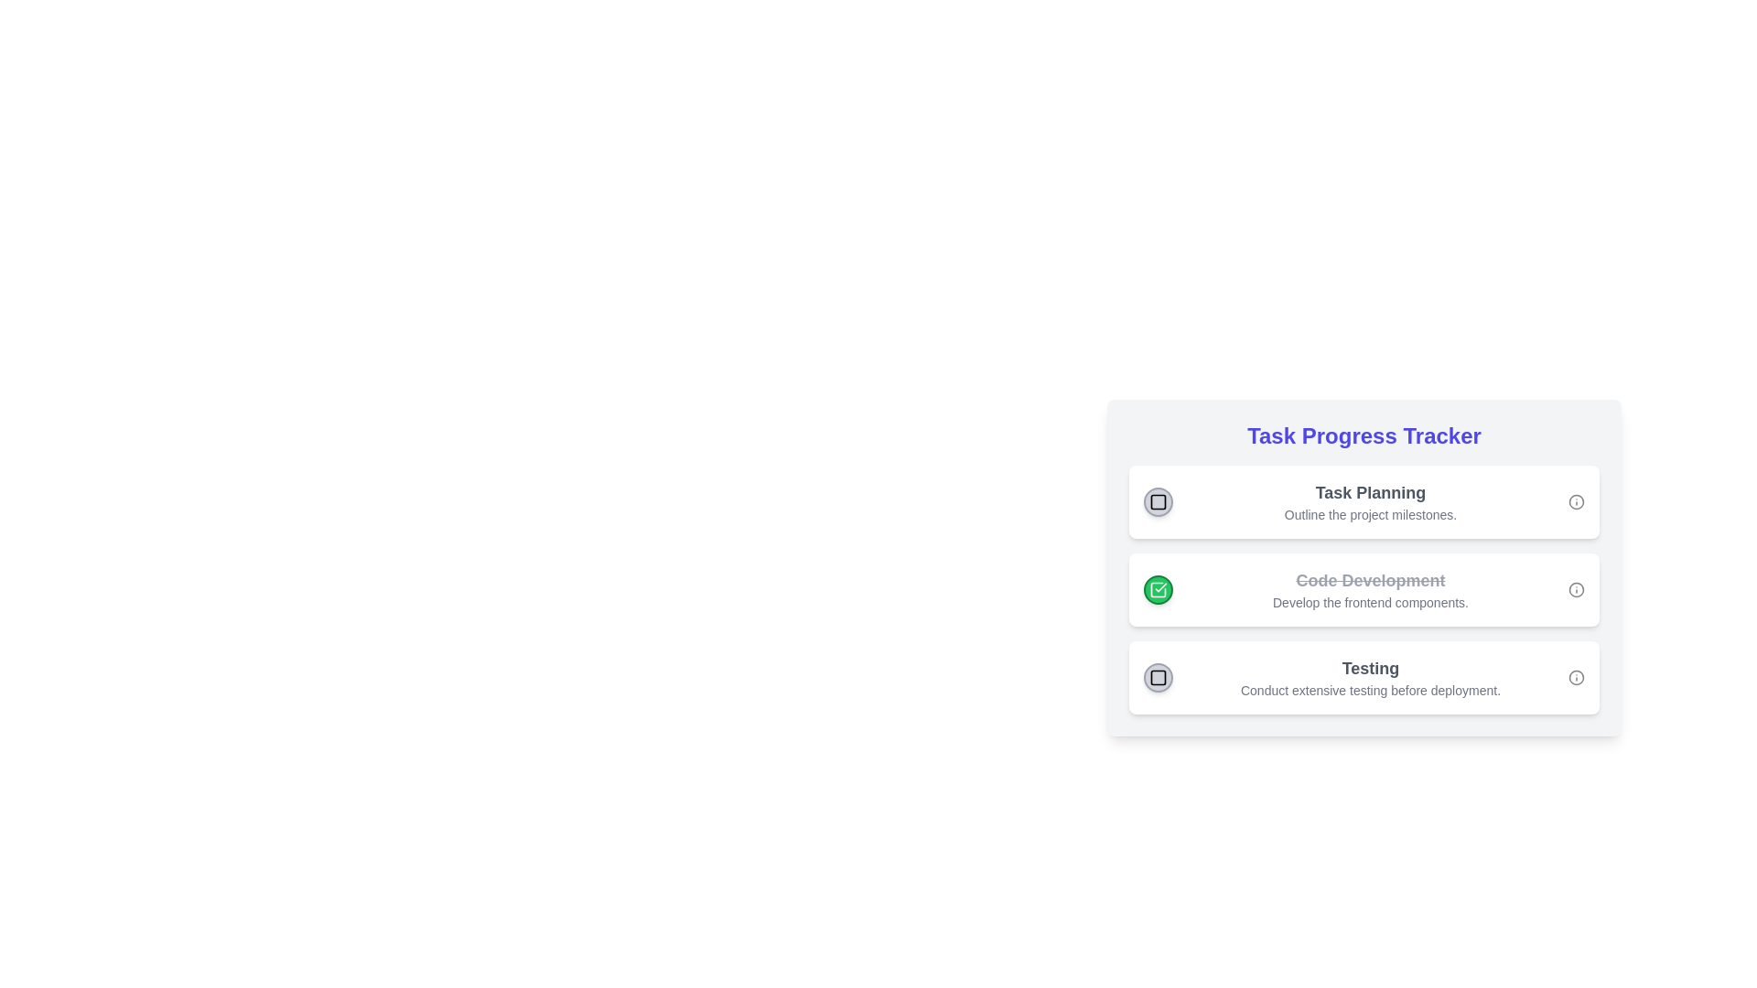 This screenshot has height=988, width=1757. Describe the element at coordinates (1370, 492) in the screenshot. I see `the 'Task Planning' text label, which is styled in a larger bold font and appears prominently in grayish color above the 'Outline the project milestones.' text within the 'Task Progress Tracker' component` at that location.